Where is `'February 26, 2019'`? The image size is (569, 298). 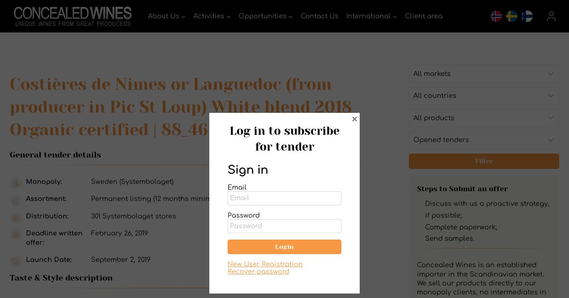
'February 26, 2019' is located at coordinates (119, 233).